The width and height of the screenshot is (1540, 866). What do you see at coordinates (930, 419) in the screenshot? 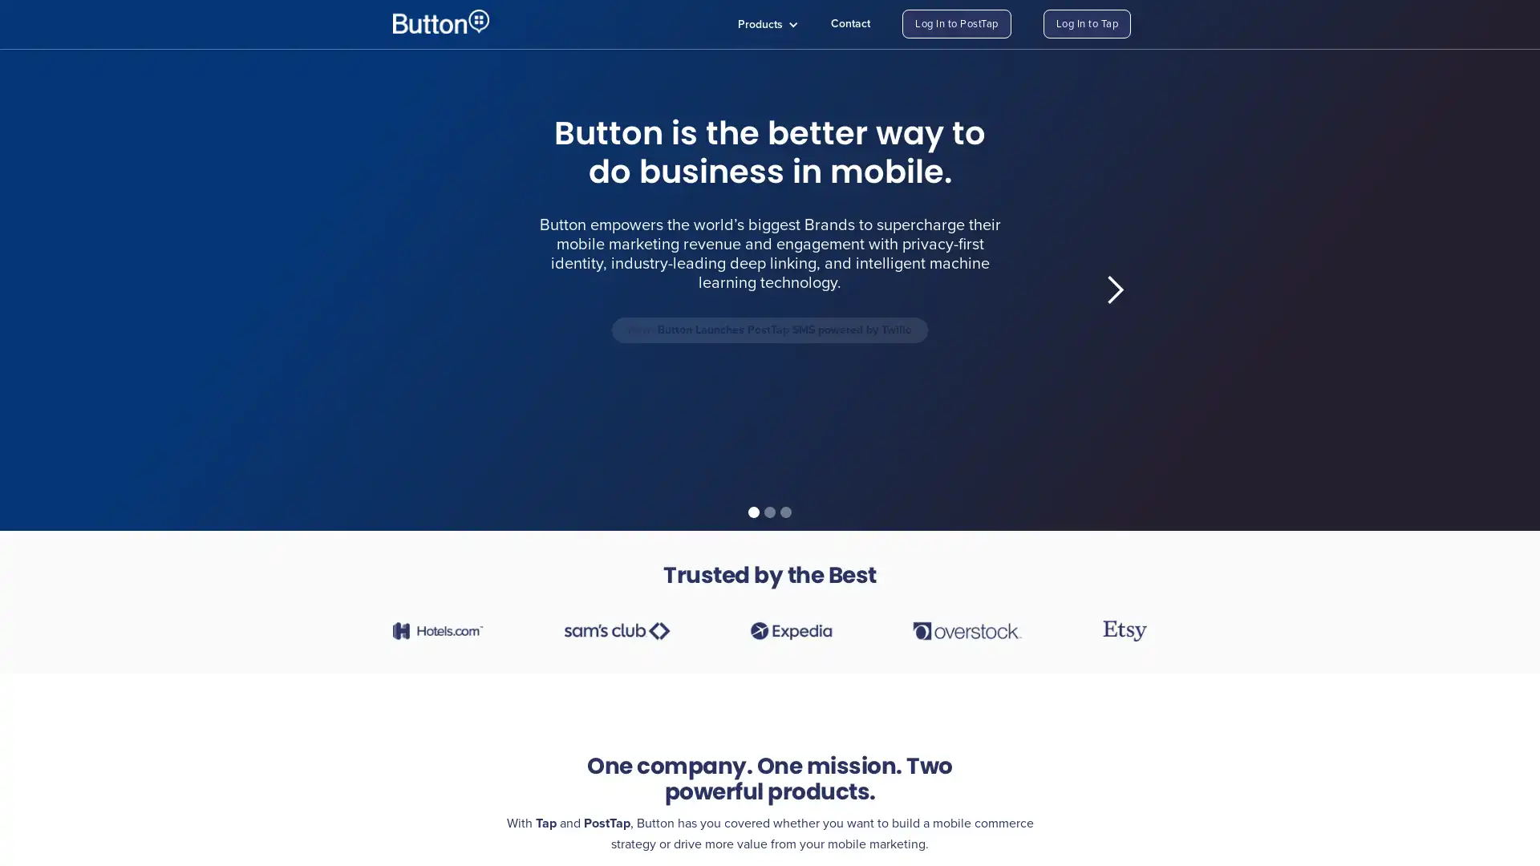
I see `Tell me more` at bounding box center [930, 419].